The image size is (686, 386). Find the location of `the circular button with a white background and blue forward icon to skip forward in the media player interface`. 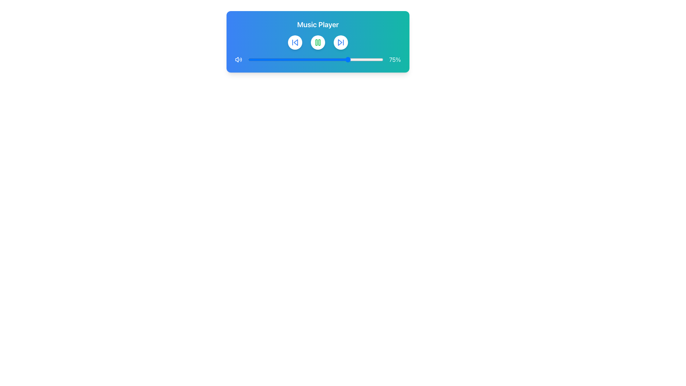

the circular button with a white background and blue forward icon to skip forward in the media player interface is located at coordinates (340, 43).